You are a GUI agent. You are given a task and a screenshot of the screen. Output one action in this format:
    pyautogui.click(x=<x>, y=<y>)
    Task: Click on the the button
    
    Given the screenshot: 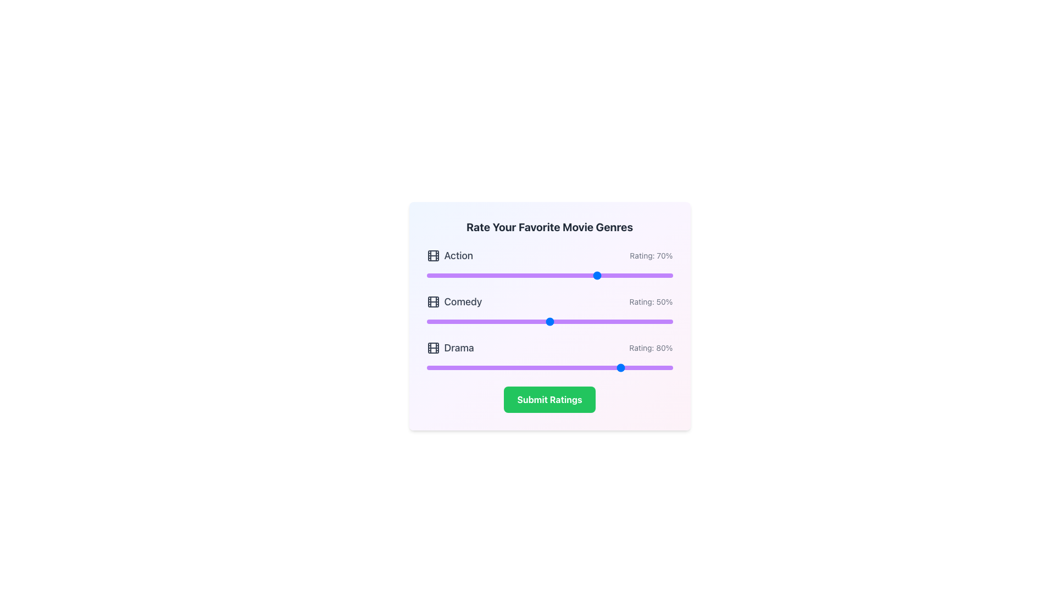 What is the action you would take?
    pyautogui.click(x=549, y=400)
    